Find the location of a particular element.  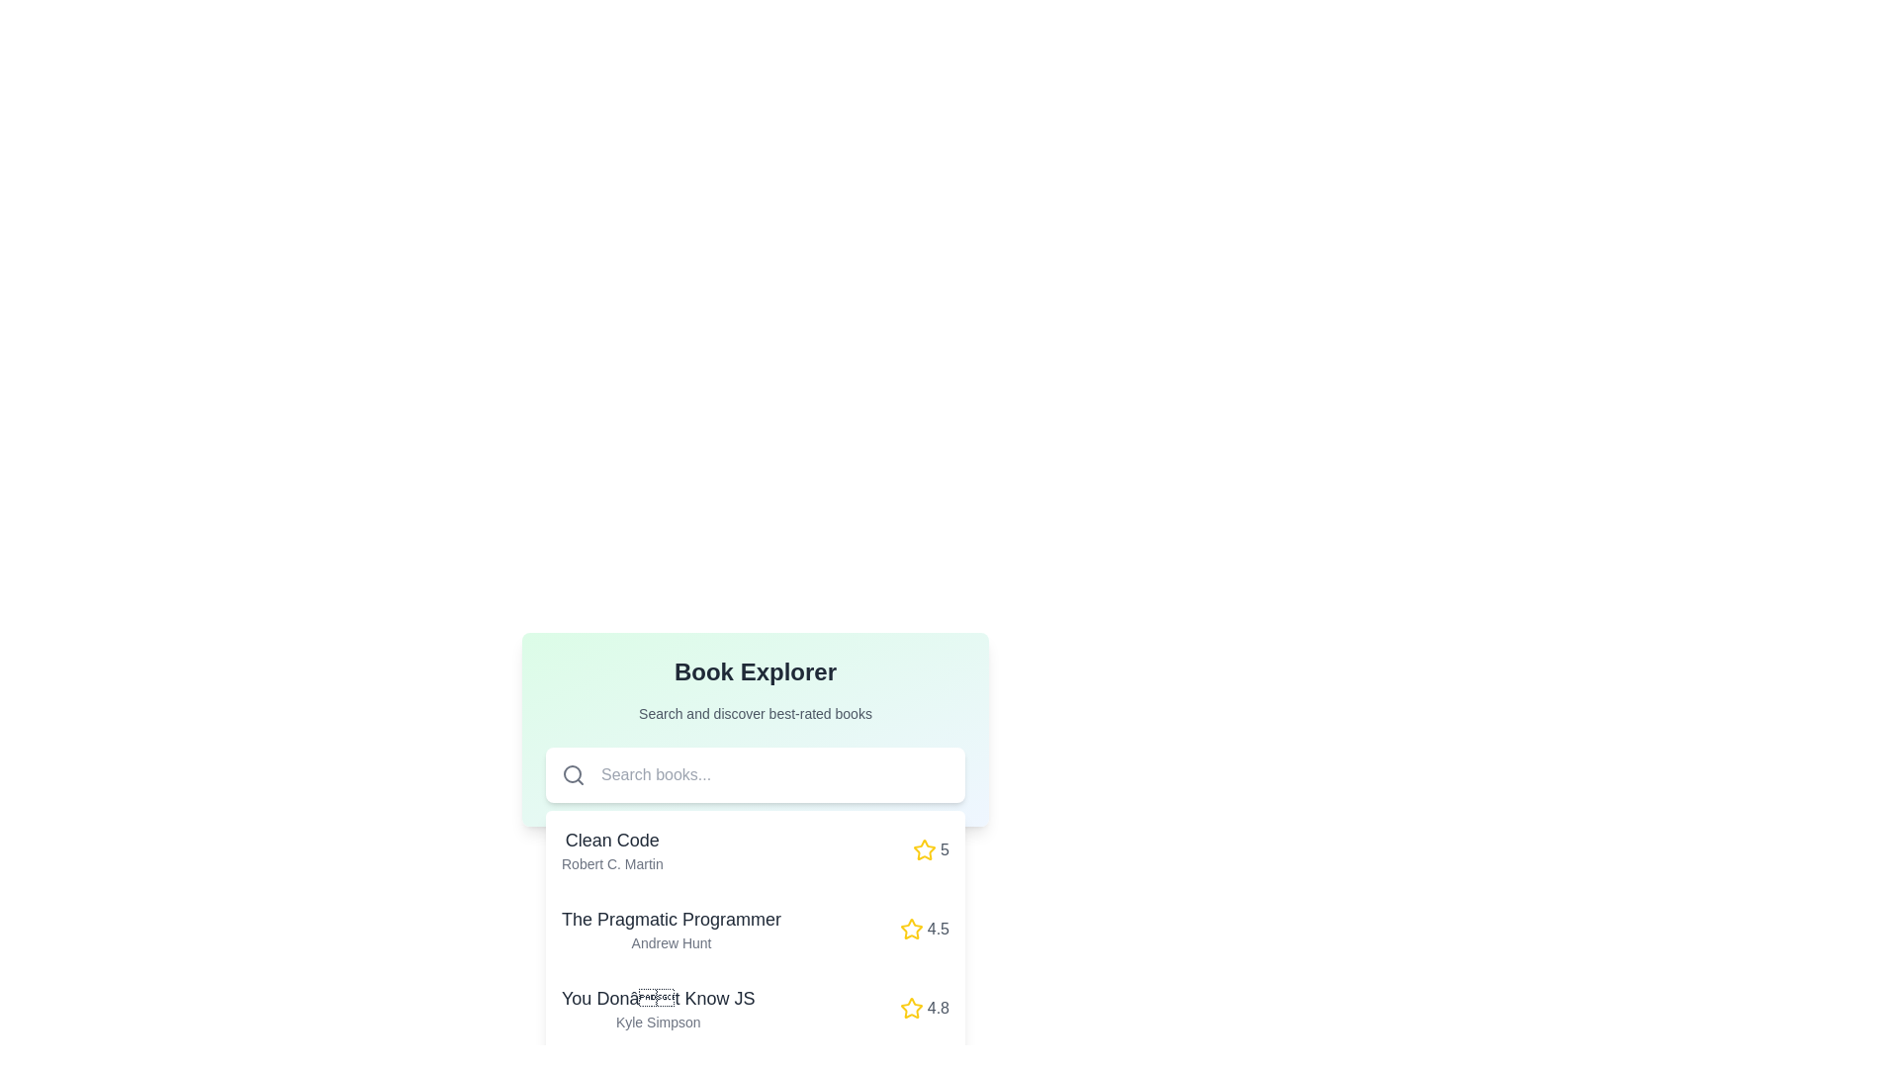

the book title label that identifies the book in the catalog, positioned above 'Robert C. Martin' in the 'Book Explorer' list is located at coordinates (611, 840).